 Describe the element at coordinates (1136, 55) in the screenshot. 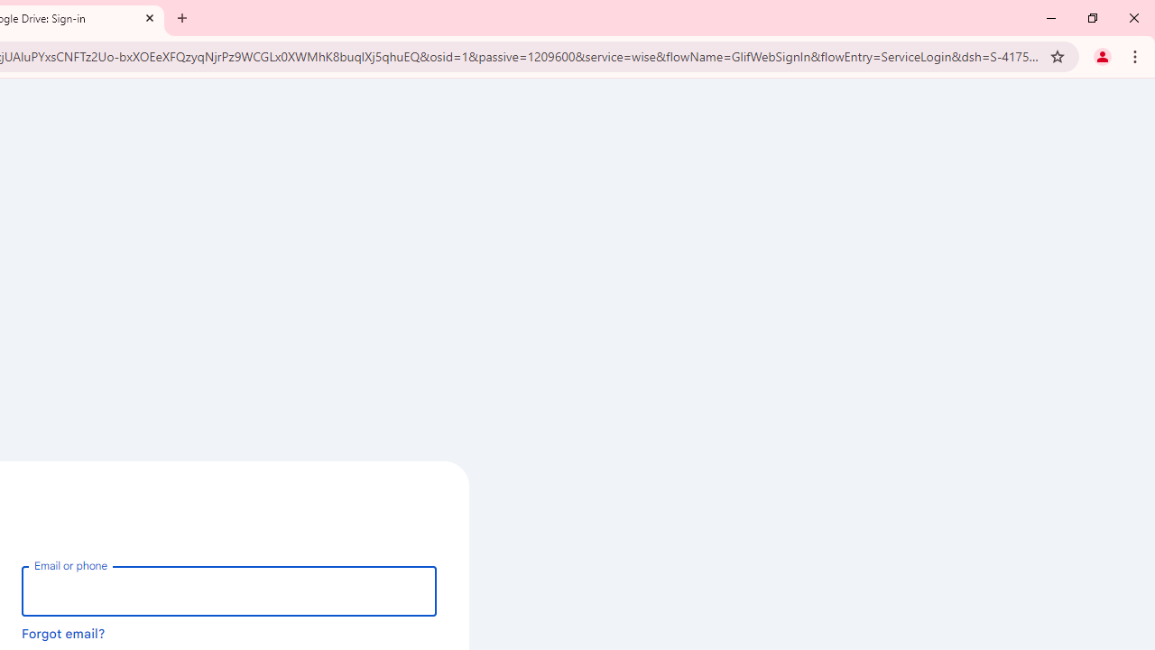

I see `'Chrome'` at that location.